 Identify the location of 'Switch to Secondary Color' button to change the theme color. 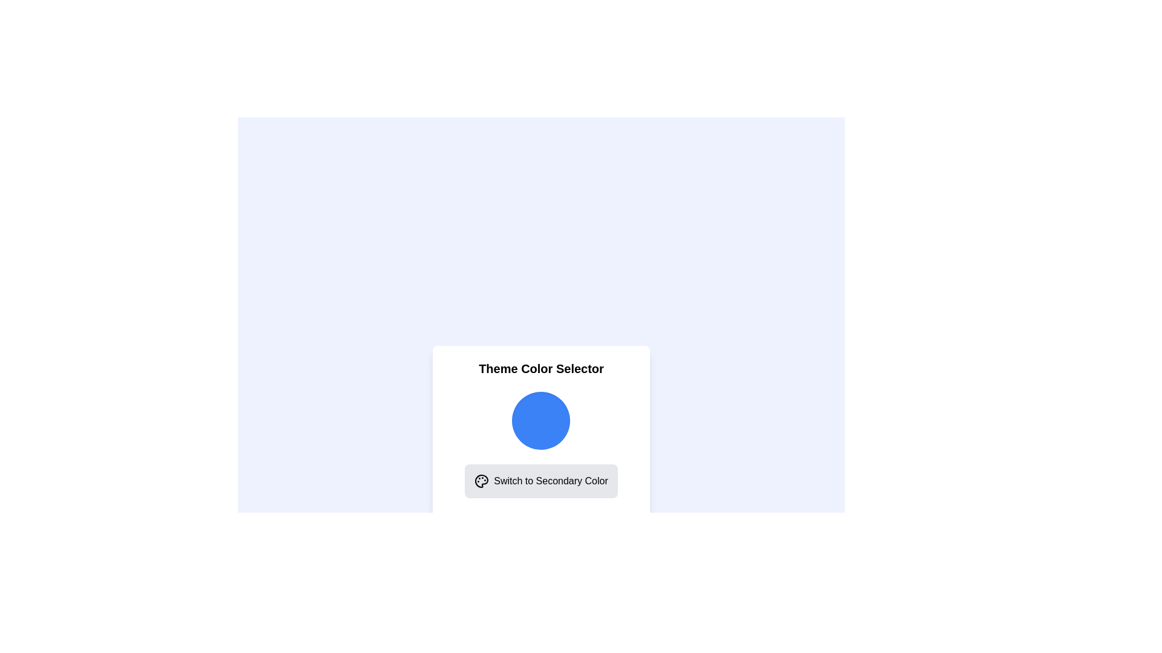
(540, 480).